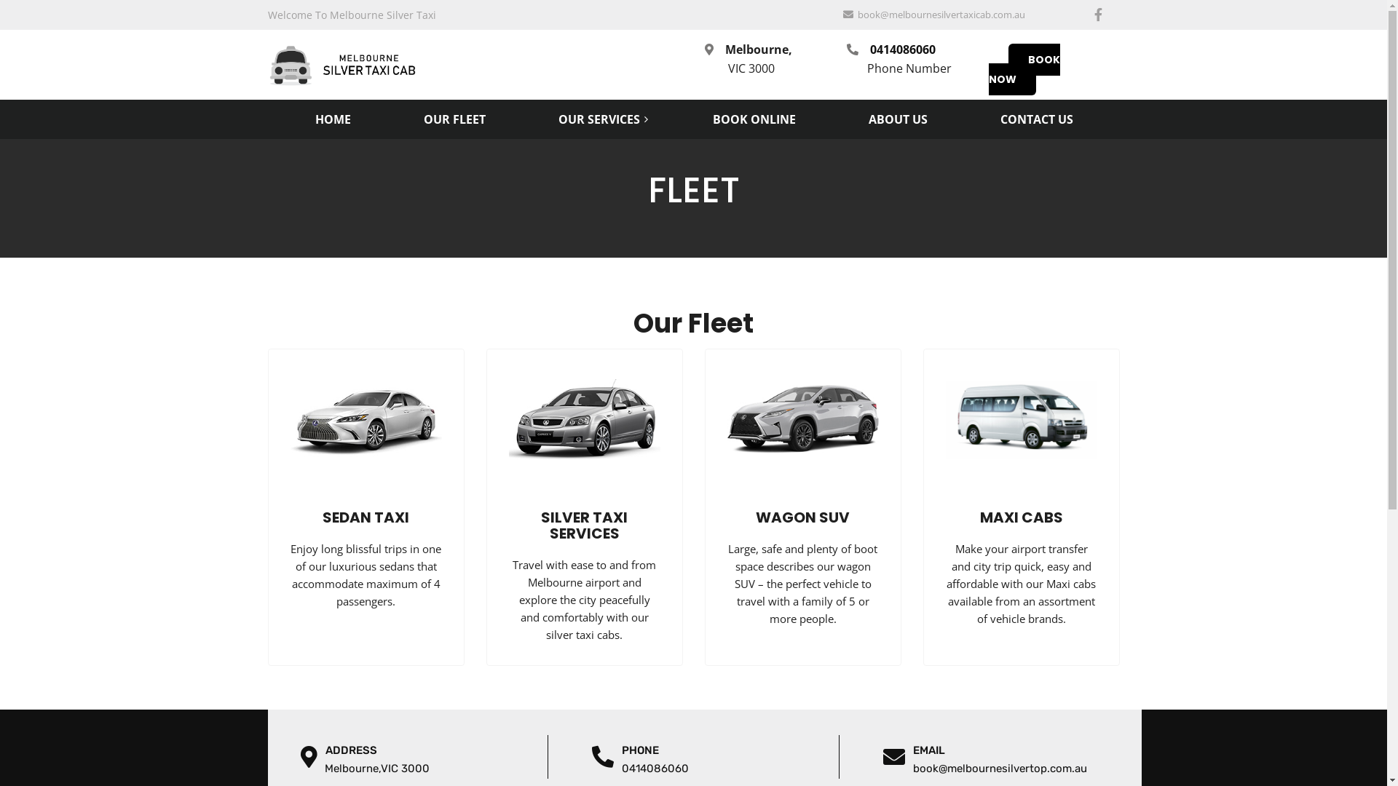 The height and width of the screenshot is (786, 1398). I want to click on 'HOME', so click(332, 116).